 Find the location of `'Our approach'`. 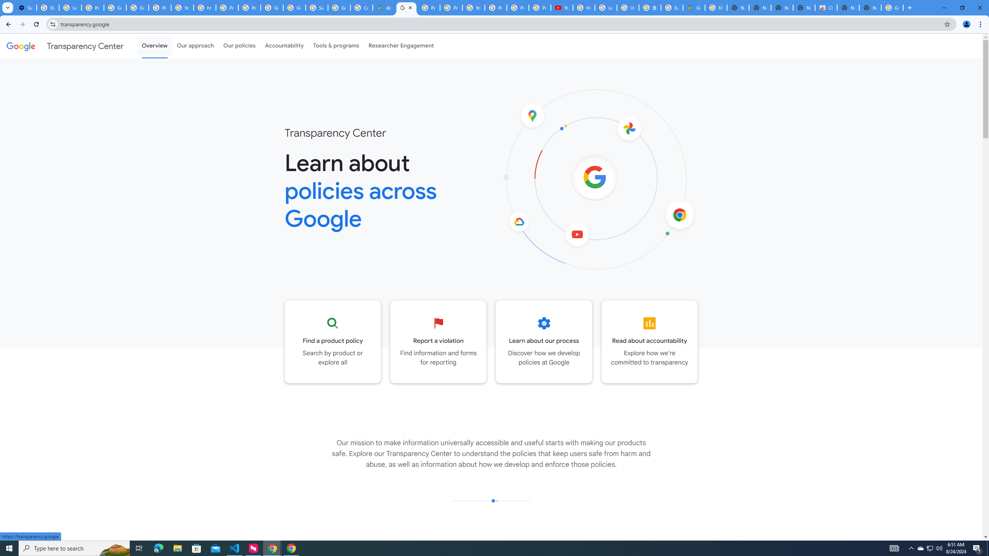

'Our approach' is located at coordinates (195, 46).